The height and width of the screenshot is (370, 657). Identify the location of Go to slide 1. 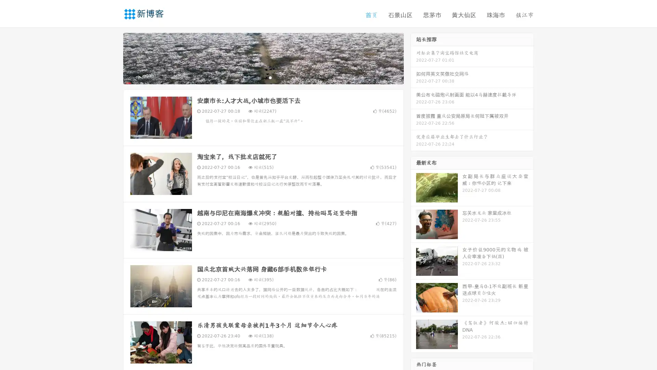
(256, 77).